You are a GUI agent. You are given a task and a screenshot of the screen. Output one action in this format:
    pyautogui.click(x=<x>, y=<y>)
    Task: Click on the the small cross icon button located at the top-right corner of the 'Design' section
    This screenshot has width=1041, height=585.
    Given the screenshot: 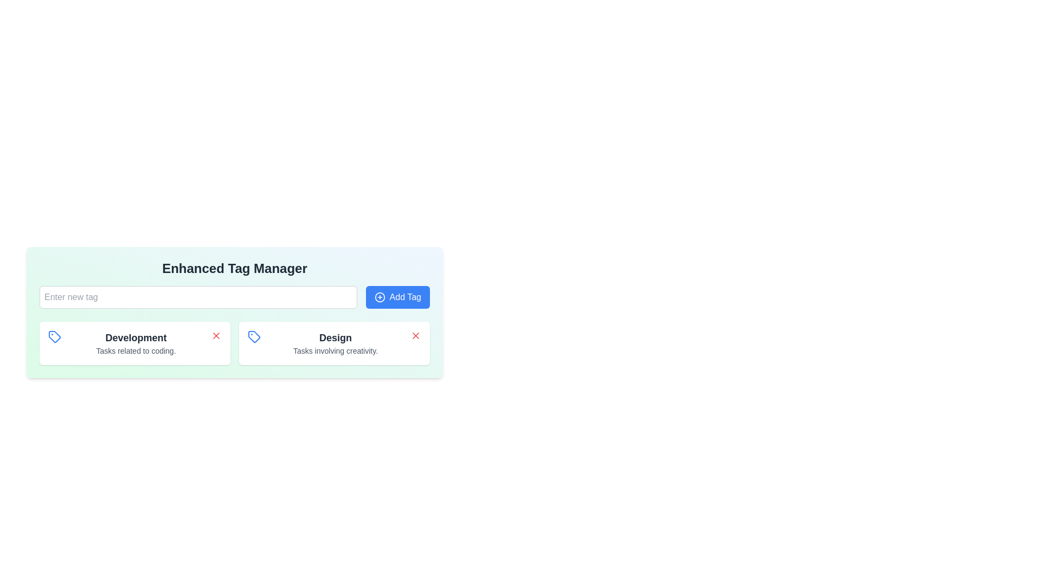 What is the action you would take?
    pyautogui.click(x=415, y=335)
    